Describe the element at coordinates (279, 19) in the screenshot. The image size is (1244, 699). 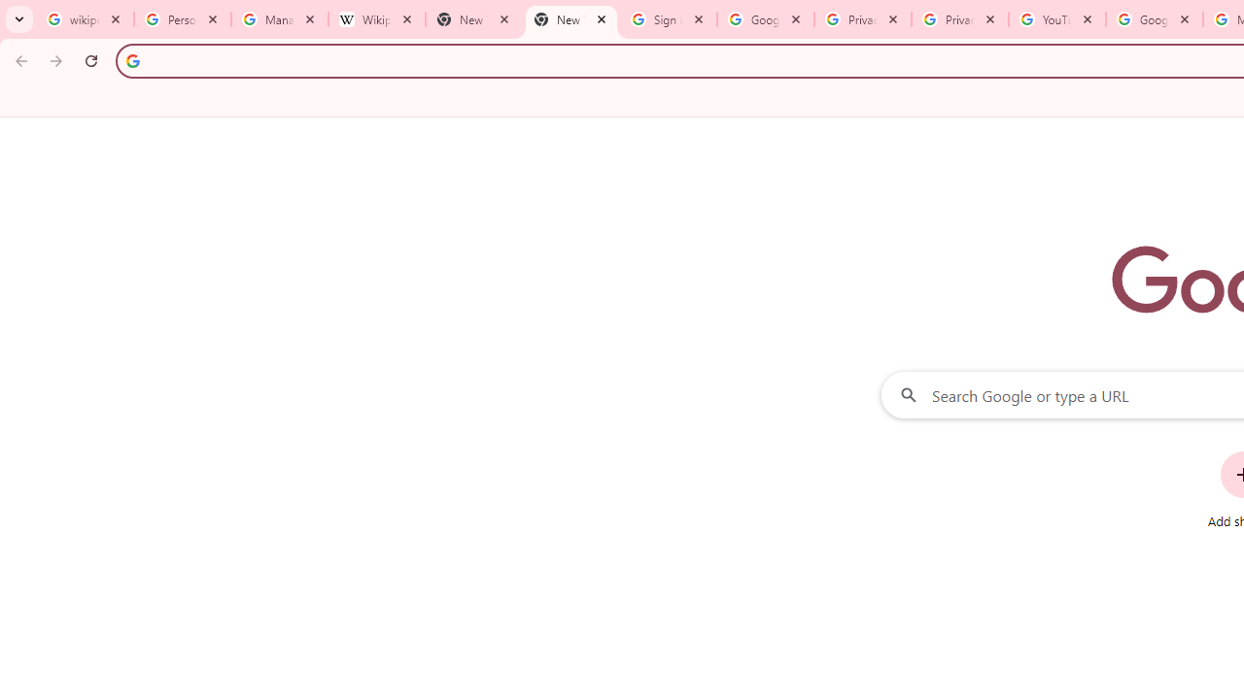
I see `'Manage your Location History - Google Search Help'` at that location.